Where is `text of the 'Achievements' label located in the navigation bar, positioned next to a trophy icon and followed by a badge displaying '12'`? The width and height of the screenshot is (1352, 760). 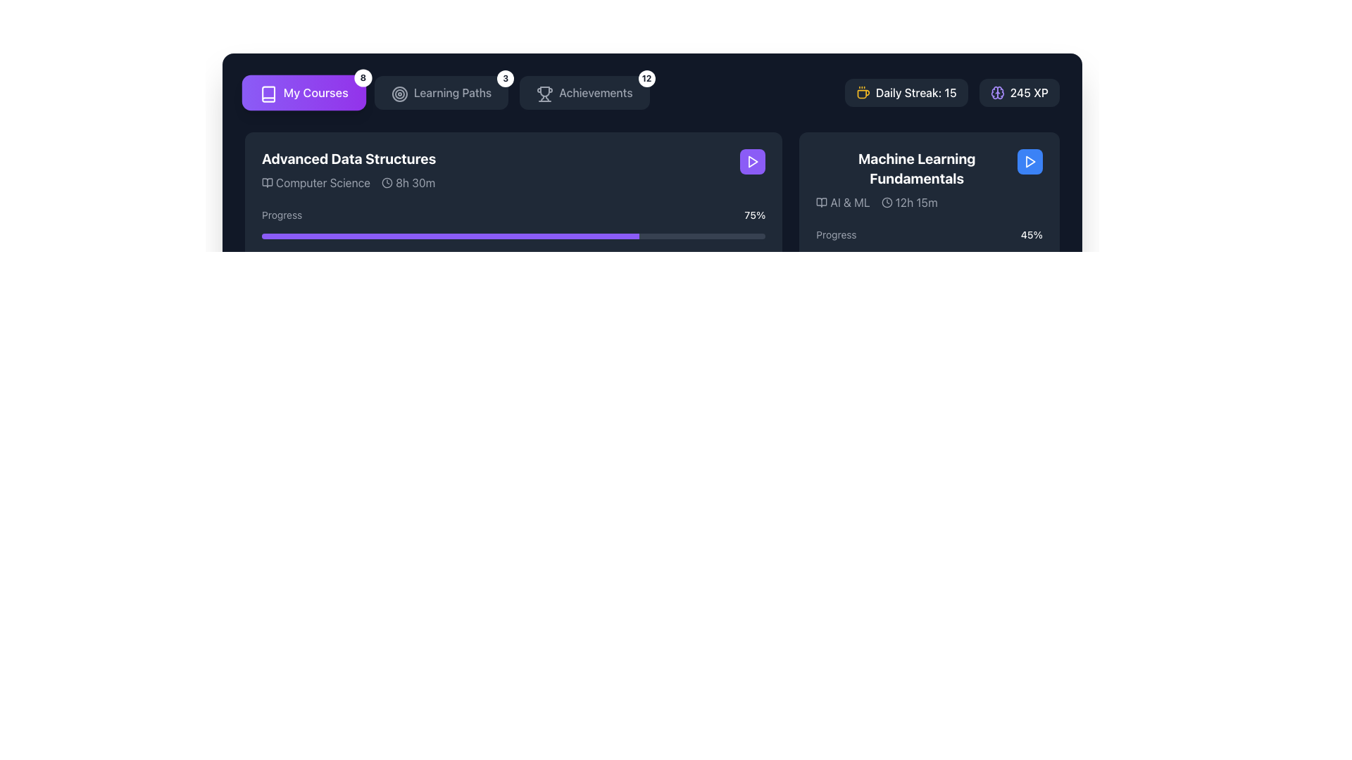
text of the 'Achievements' label located in the navigation bar, positioned next to a trophy icon and followed by a badge displaying '12' is located at coordinates (596, 92).